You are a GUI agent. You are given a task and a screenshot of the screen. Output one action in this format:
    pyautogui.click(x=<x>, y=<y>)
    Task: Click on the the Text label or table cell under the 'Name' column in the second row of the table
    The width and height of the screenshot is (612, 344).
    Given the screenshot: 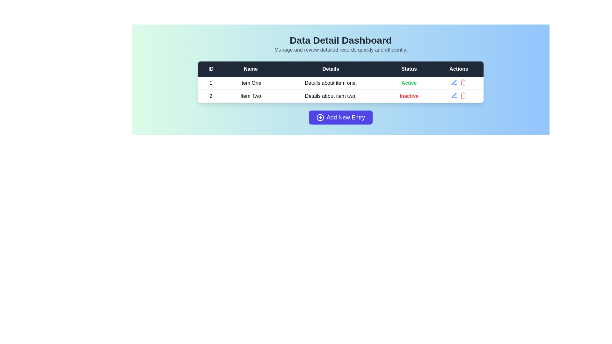 What is the action you would take?
    pyautogui.click(x=250, y=96)
    